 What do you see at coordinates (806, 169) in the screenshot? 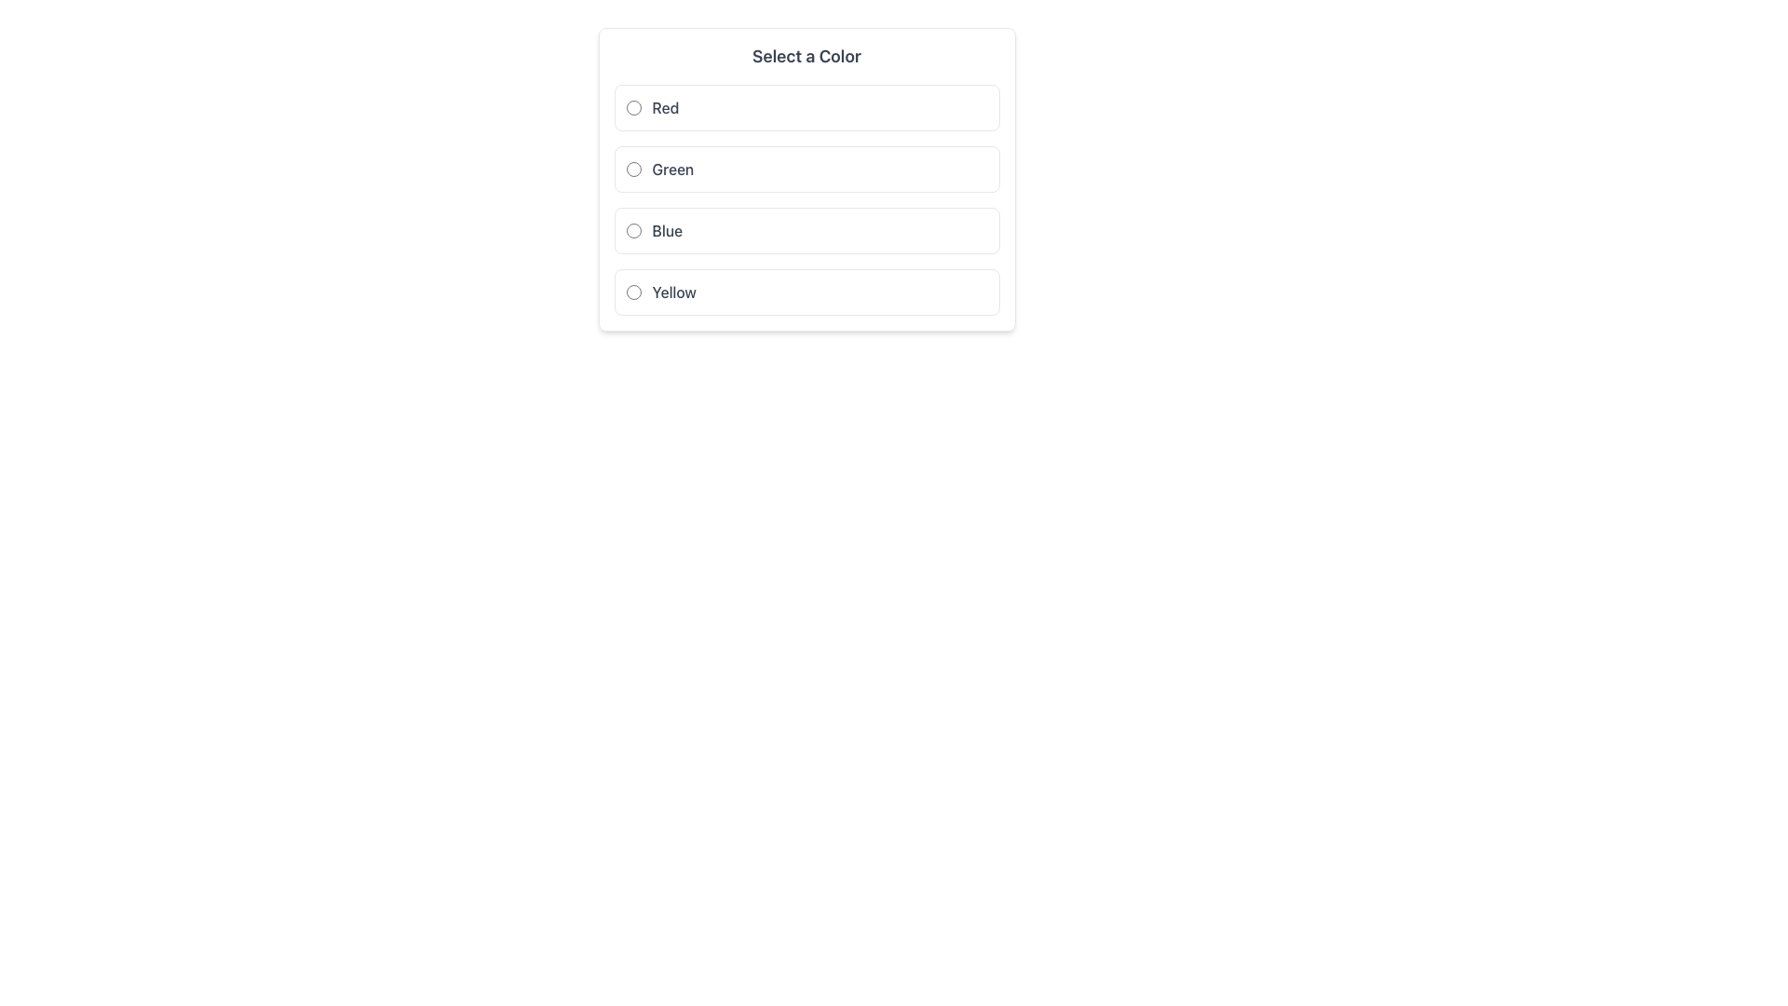
I see `the radio button` at bounding box center [806, 169].